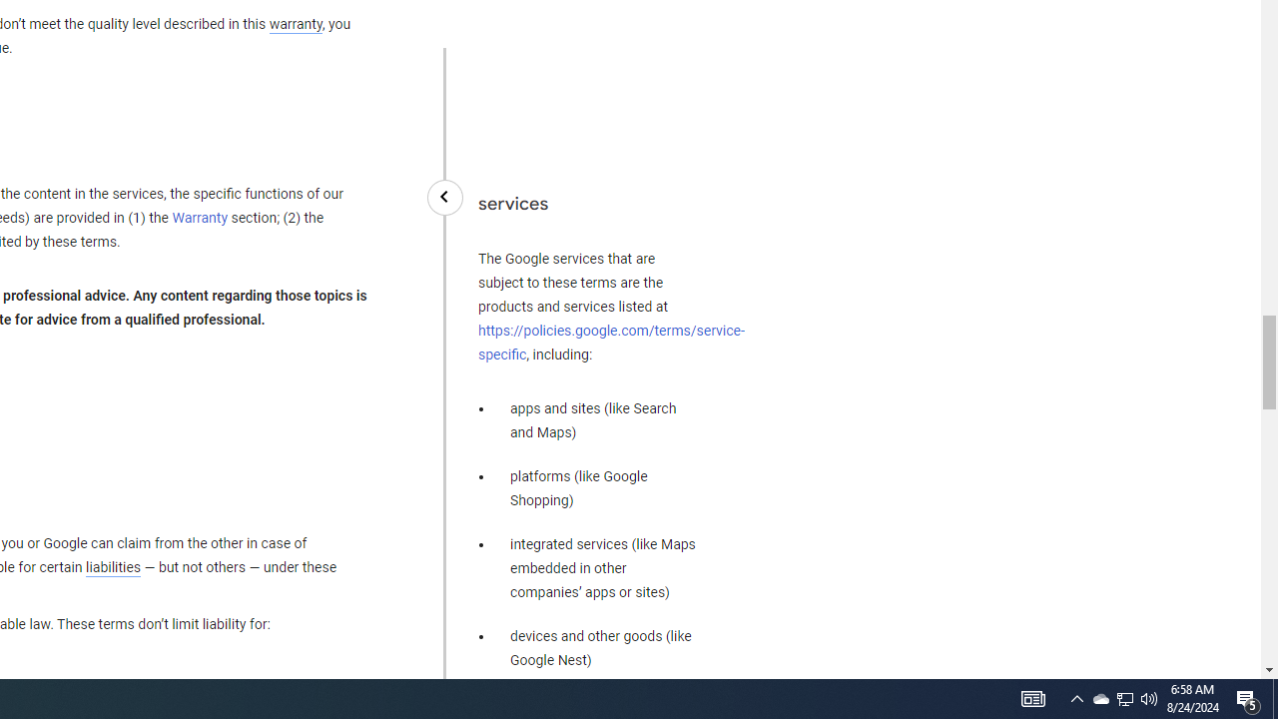 This screenshot has width=1278, height=719. Describe the element at coordinates (112, 567) in the screenshot. I see `'liabilities'` at that location.